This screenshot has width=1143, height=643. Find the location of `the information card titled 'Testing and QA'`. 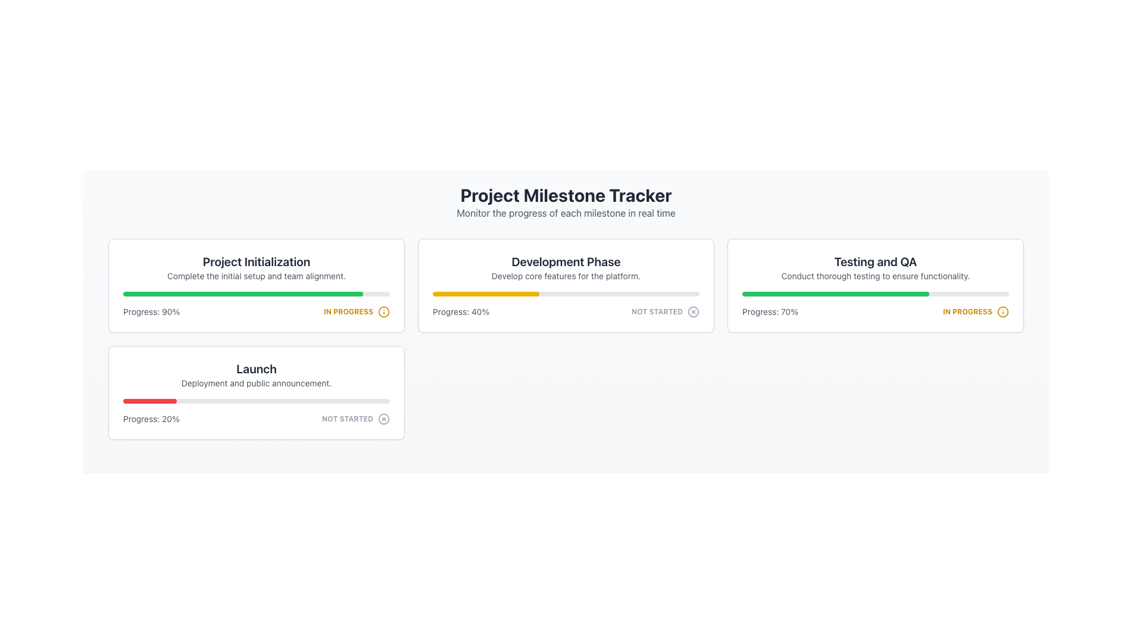

the information card titled 'Testing and QA' is located at coordinates (875, 285).